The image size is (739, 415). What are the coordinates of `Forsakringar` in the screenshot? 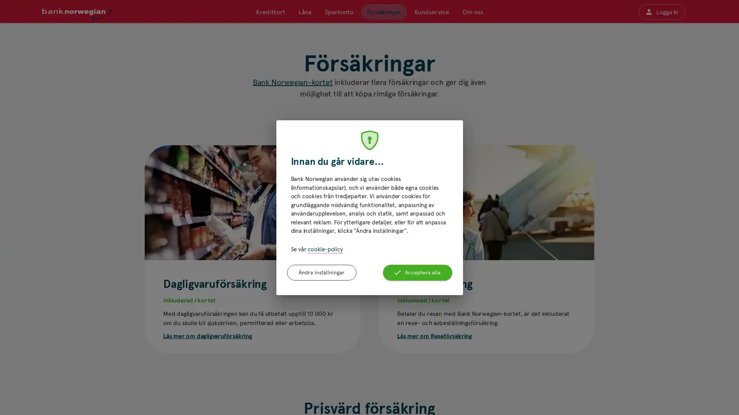 It's located at (384, 12).